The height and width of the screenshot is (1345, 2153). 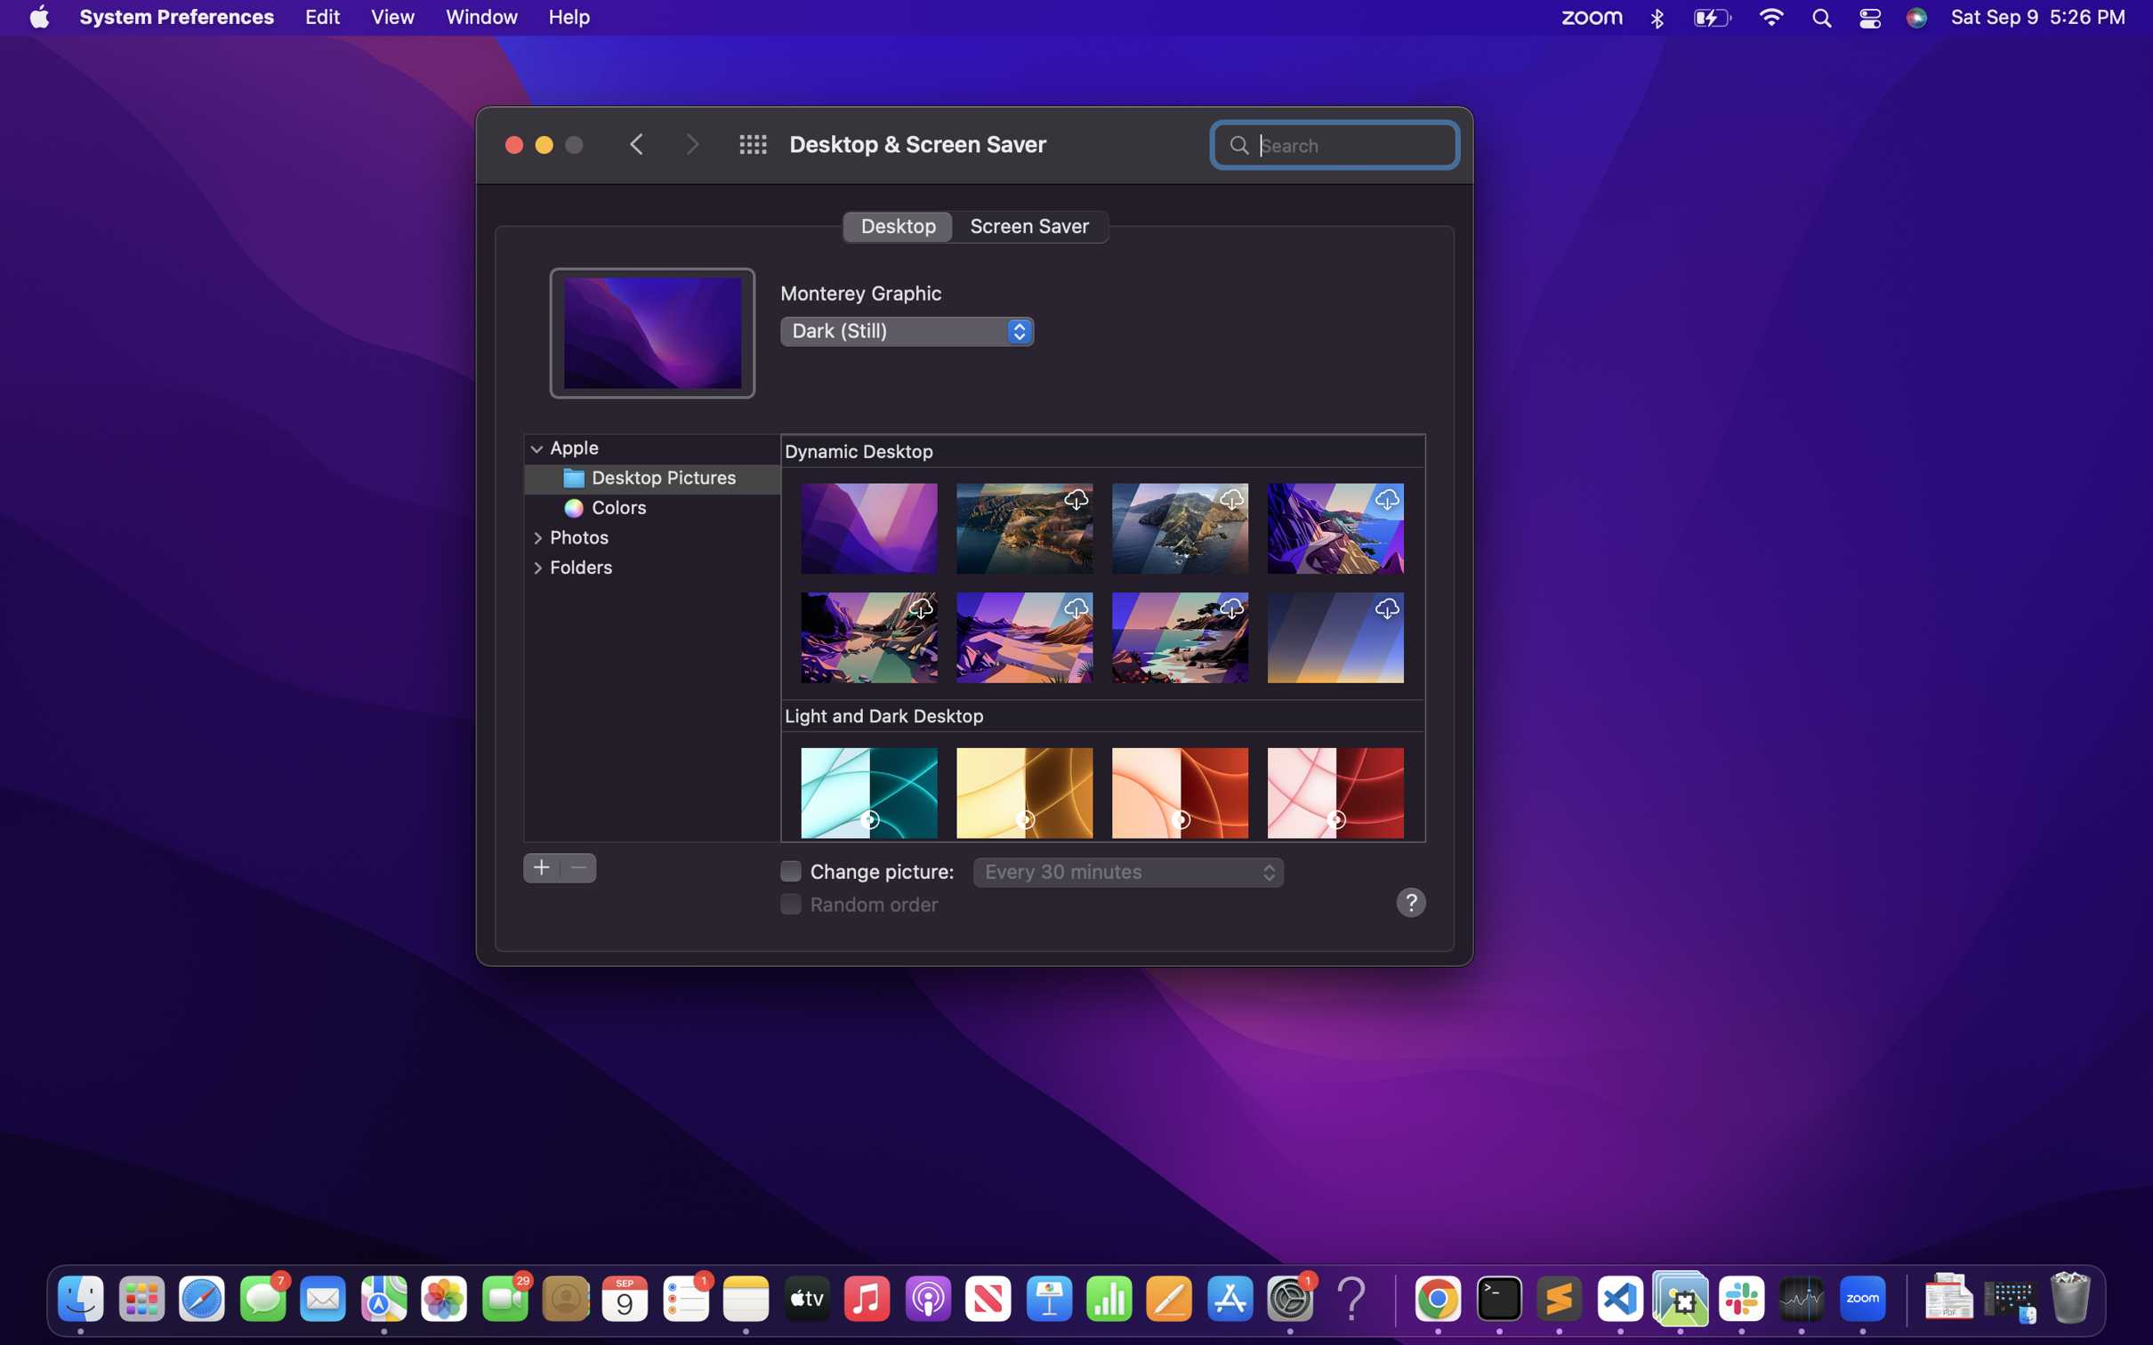 What do you see at coordinates (896, 225) in the screenshot?
I see `the desktop` at bounding box center [896, 225].